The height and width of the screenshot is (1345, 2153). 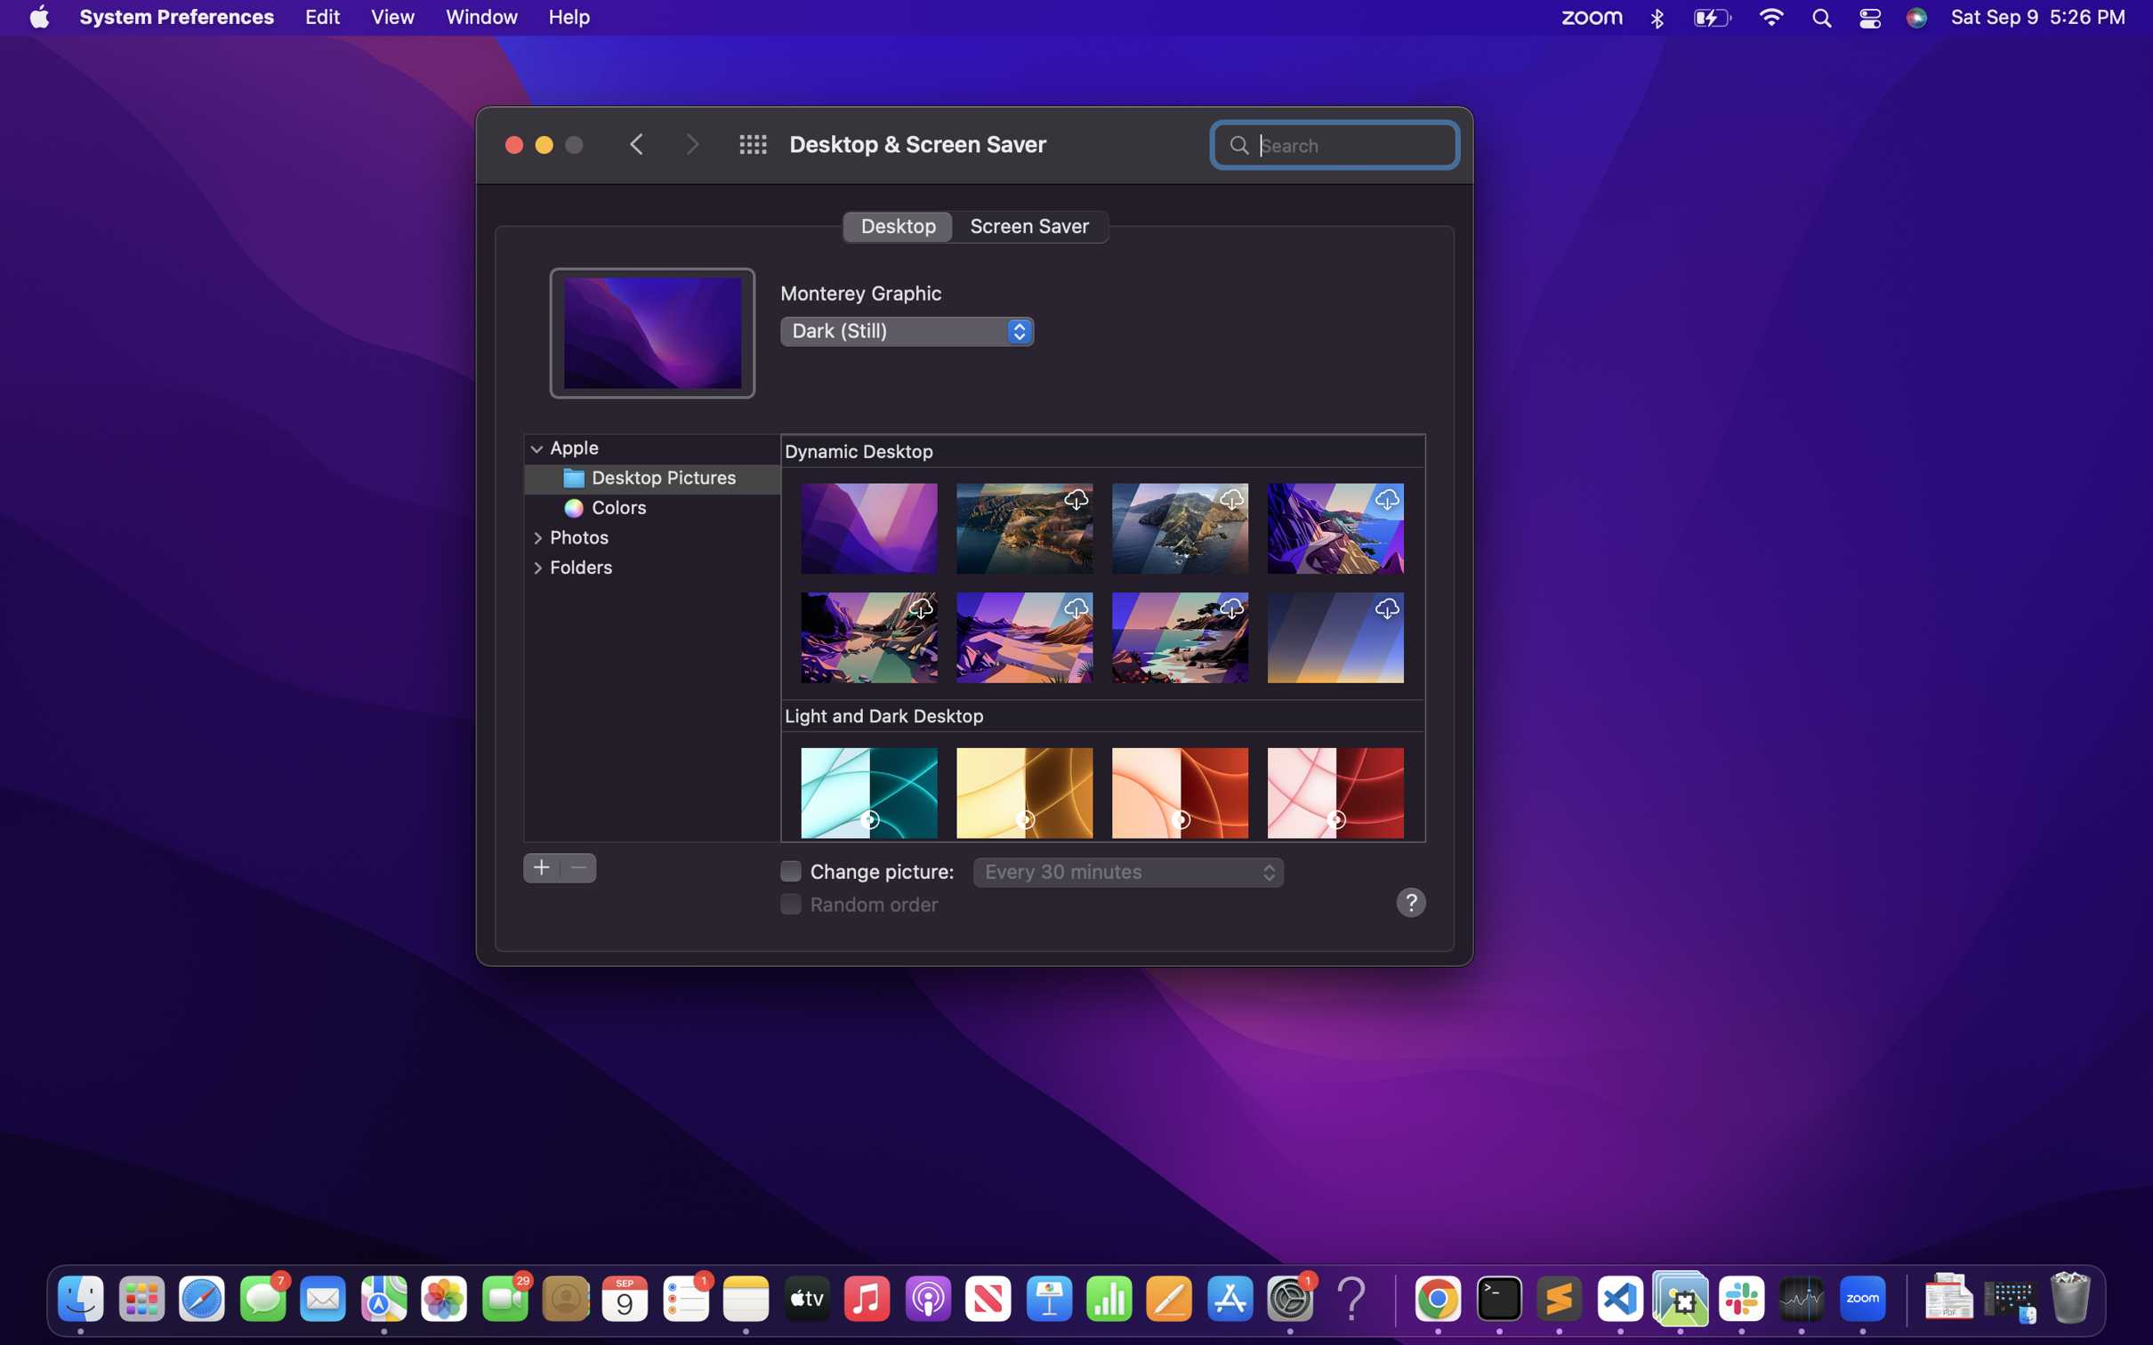 What do you see at coordinates (896, 225) in the screenshot?
I see `the desktop` at bounding box center [896, 225].